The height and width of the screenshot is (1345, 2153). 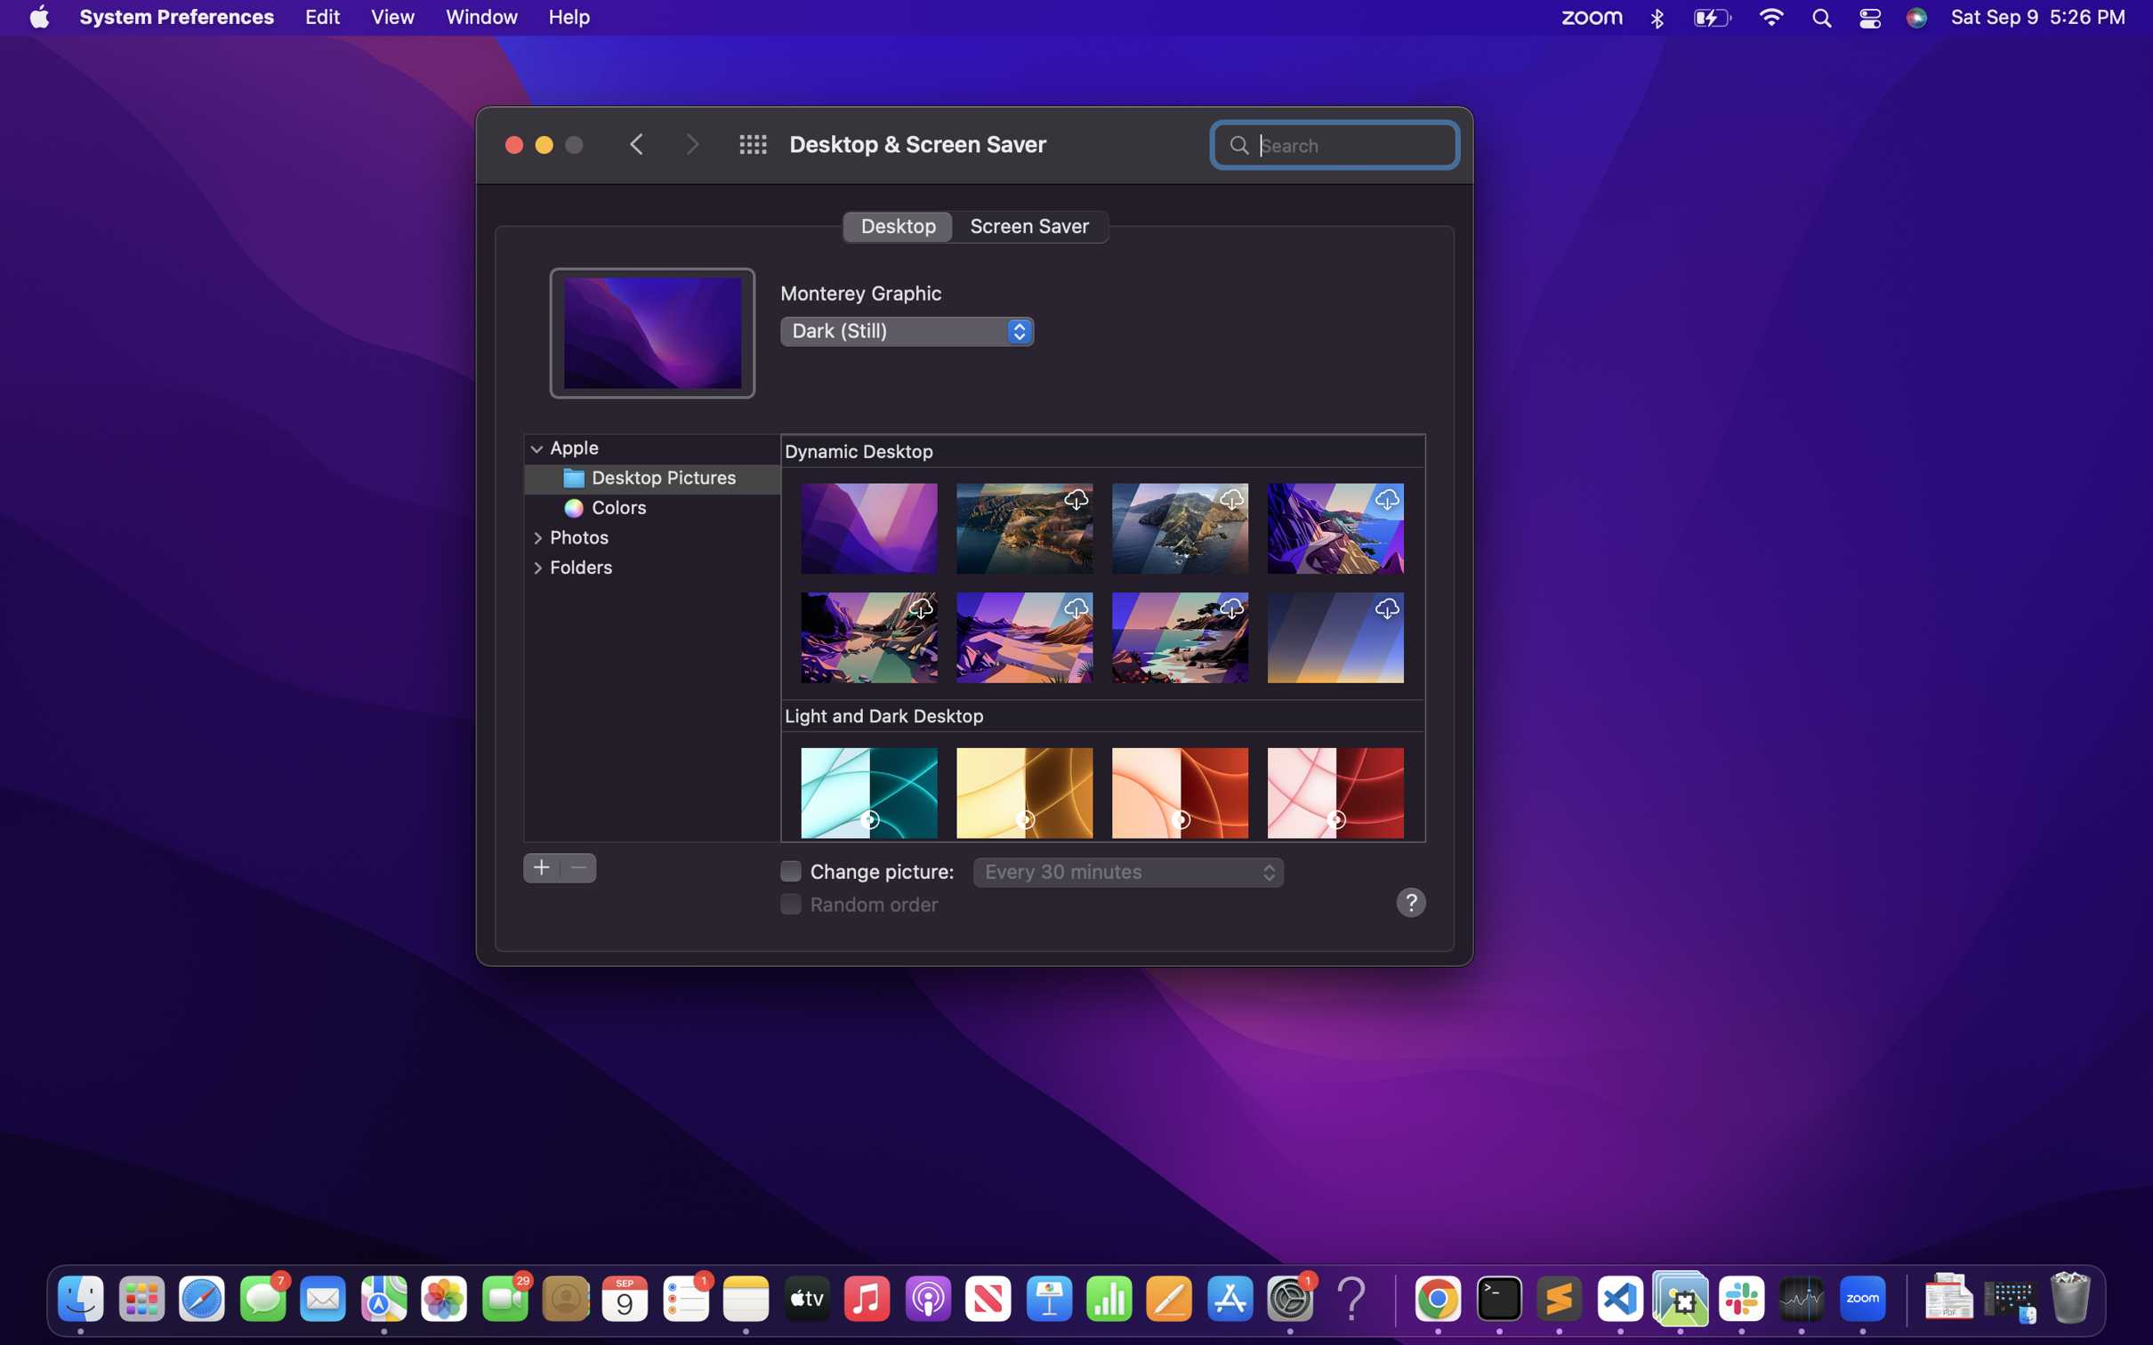 What do you see at coordinates (896, 225) in the screenshot?
I see `the desktop` at bounding box center [896, 225].